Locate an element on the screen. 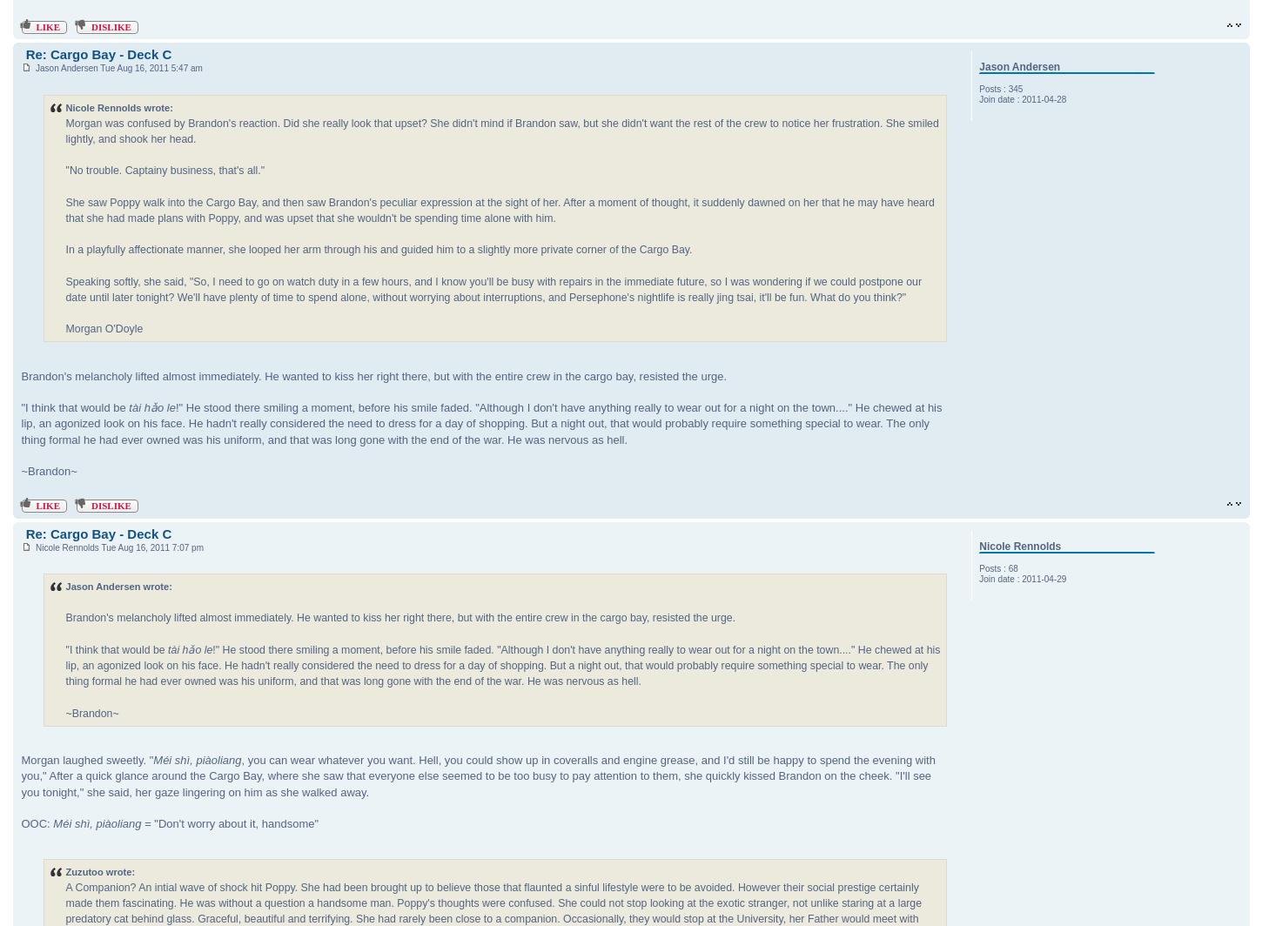  'Jason Andersen' is located at coordinates (1018, 67).